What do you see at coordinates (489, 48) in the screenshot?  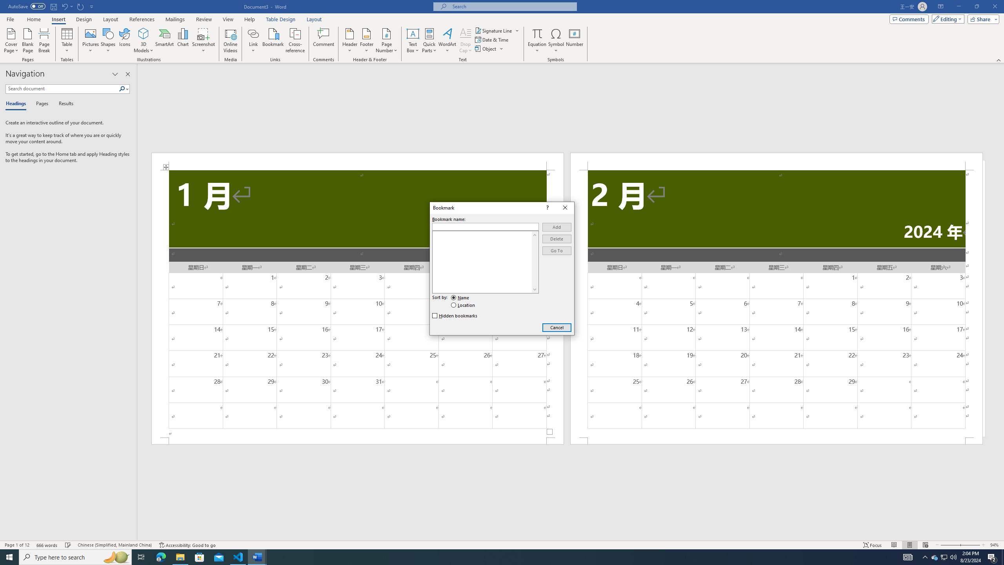 I see `'Object...'` at bounding box center [489, 48].